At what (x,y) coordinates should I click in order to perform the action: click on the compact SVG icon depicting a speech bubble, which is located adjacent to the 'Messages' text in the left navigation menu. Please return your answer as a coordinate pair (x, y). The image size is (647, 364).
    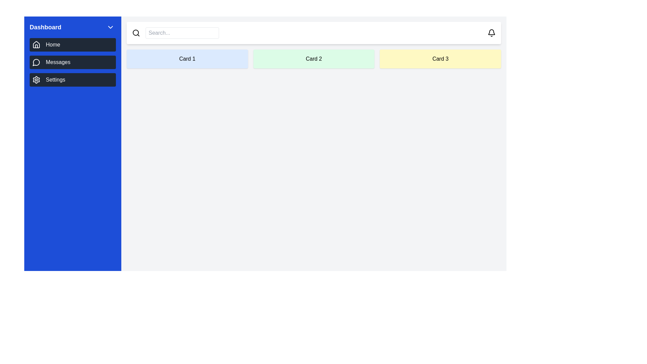
    Looking at the image, I should click on (36, 62).